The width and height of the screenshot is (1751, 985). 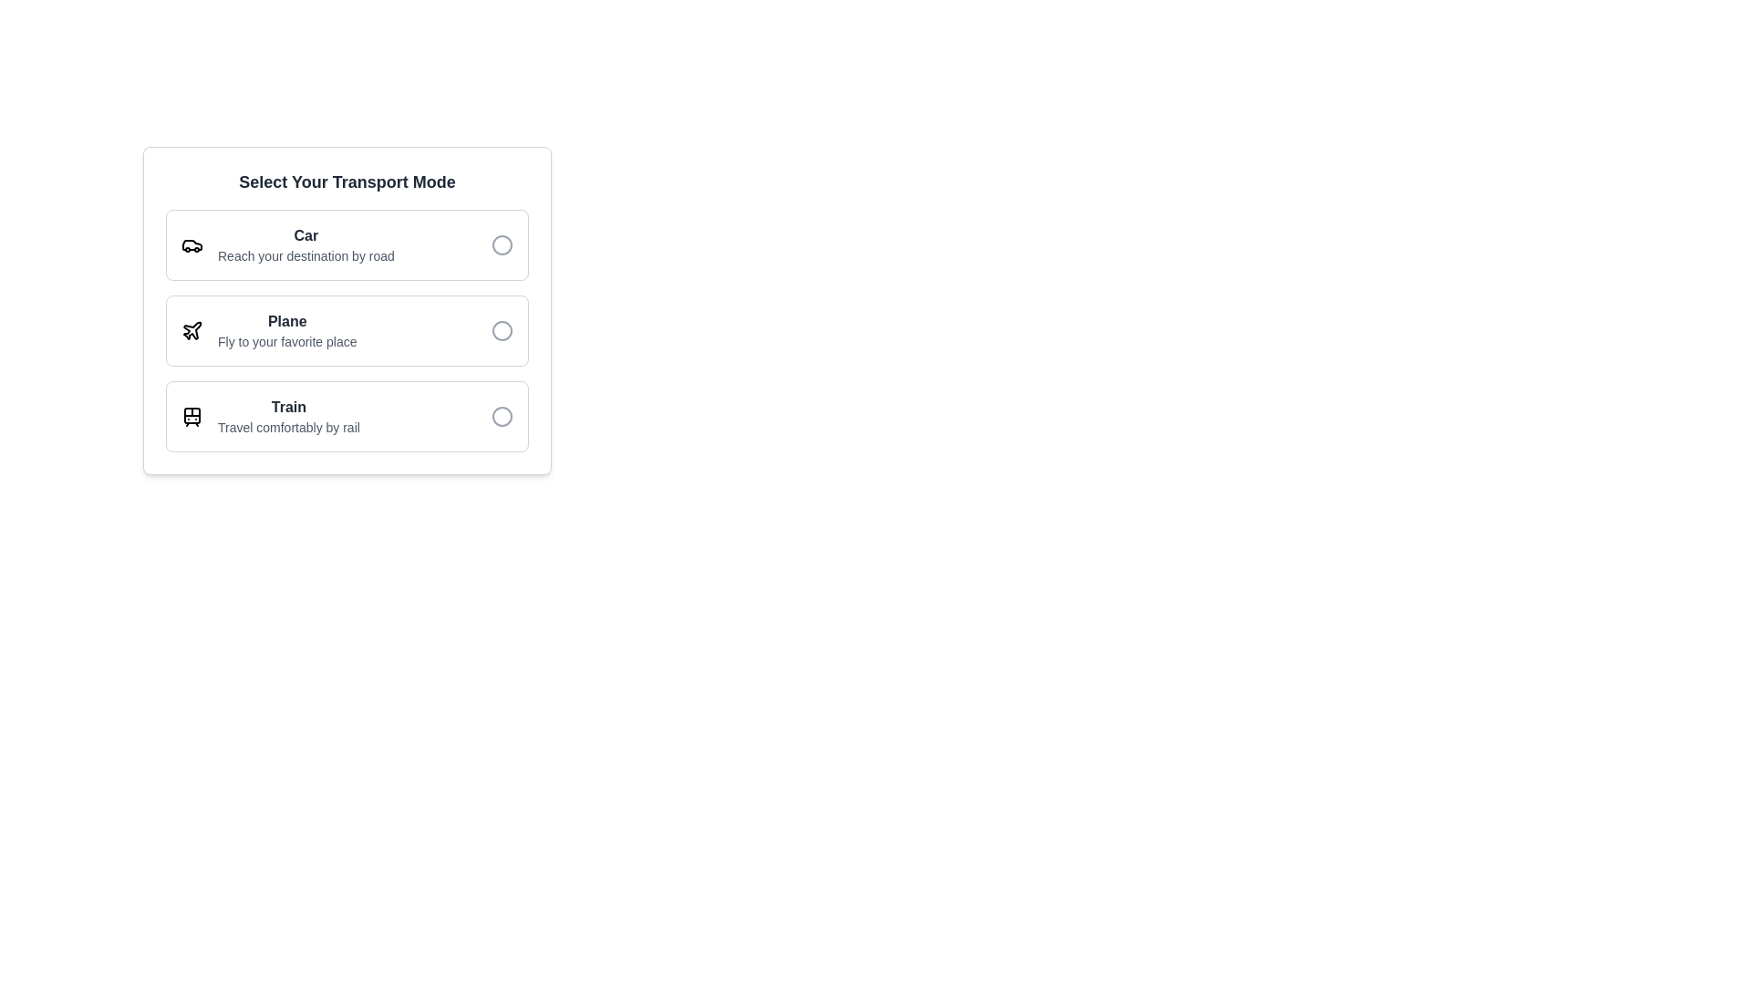 What do you see at coordinates (503, 330) in the screenshot?
I see `the icon or indicator representing the selectable state within the 'Plane' transport option context, located towards the right end of the 'Plane' option` at bounding box center [503, 330].